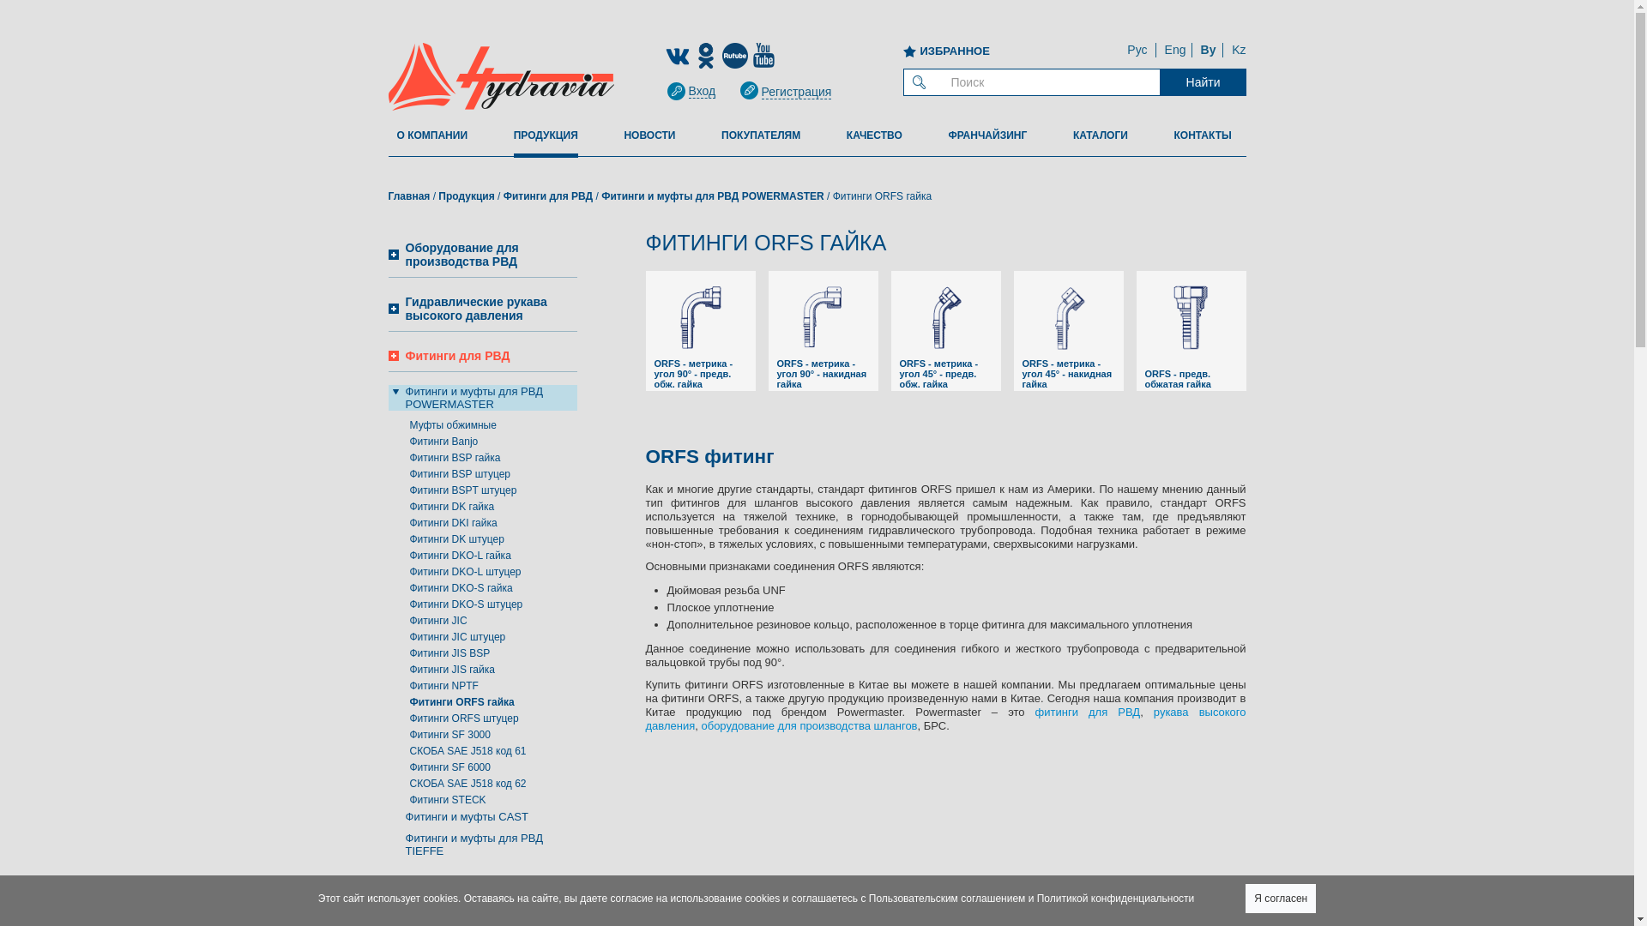  I want to click on 'Kz', so click(1239, 48).